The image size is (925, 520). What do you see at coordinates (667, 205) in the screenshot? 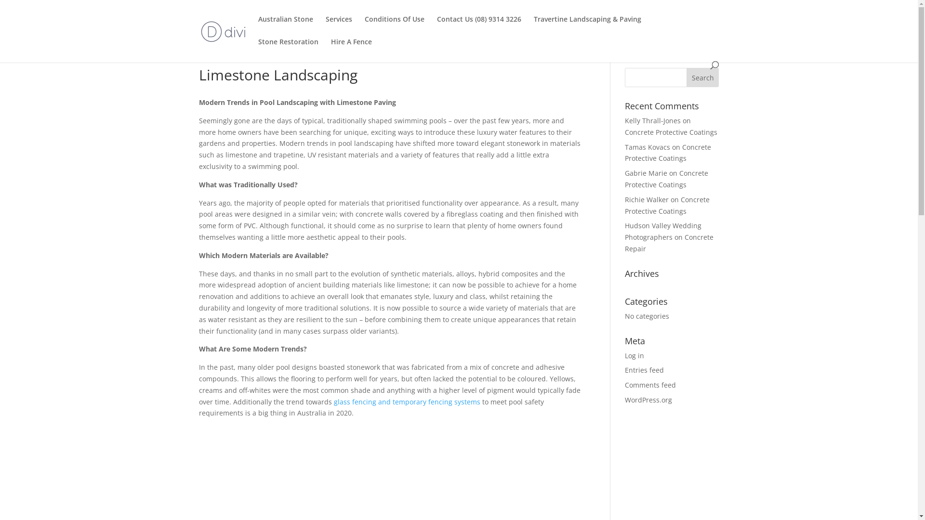
I see `'Concrete Protective Coatings'` at bounding box center [667, 205].